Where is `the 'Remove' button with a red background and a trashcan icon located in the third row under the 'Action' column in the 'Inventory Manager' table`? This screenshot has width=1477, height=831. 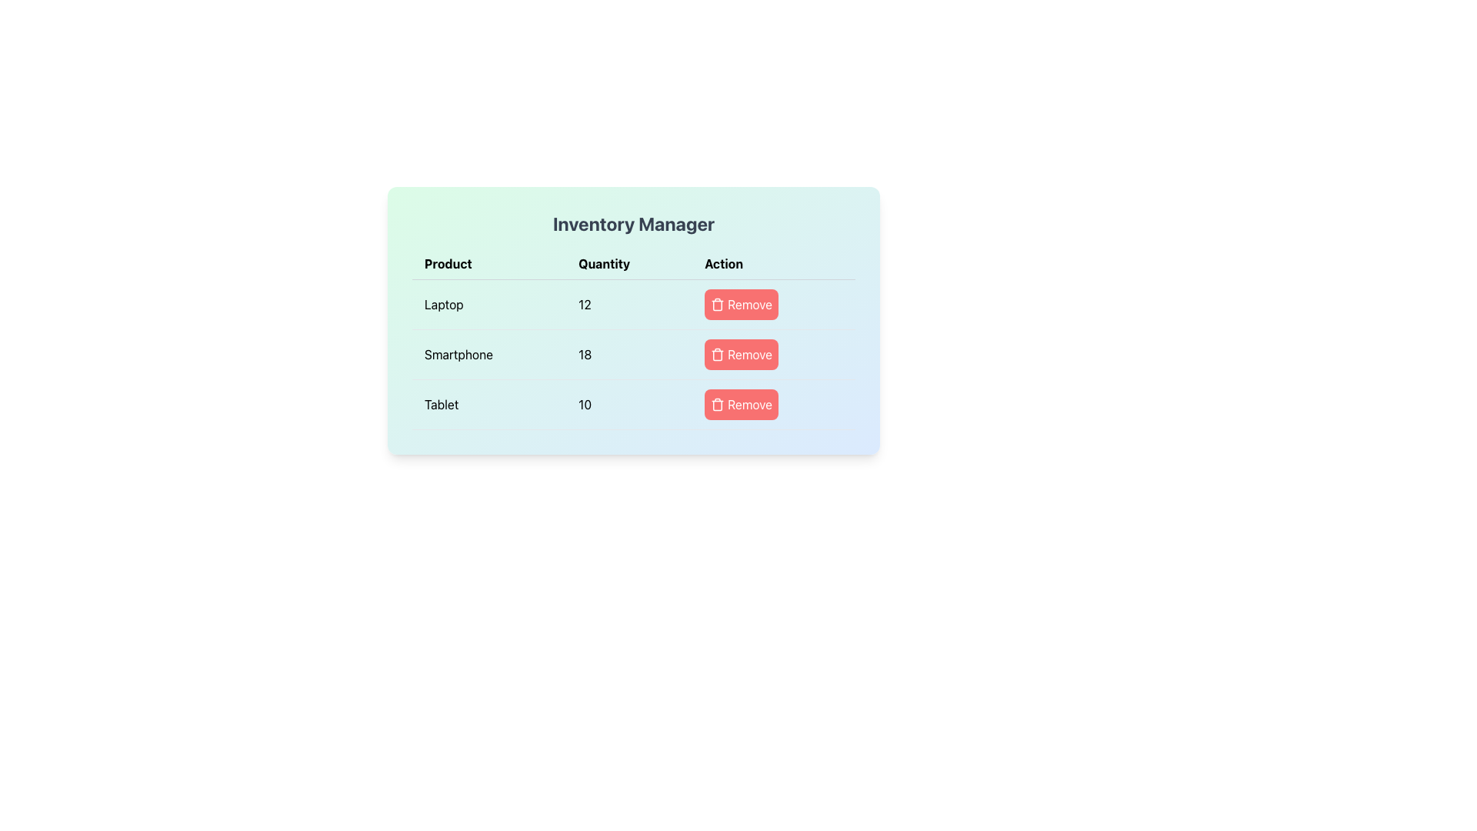
the 'Remove' button with a red background and a trashcan icon located in the third row under the 'Action' column in the 'Inventory Manager' table is located at coordinates (742, 403).